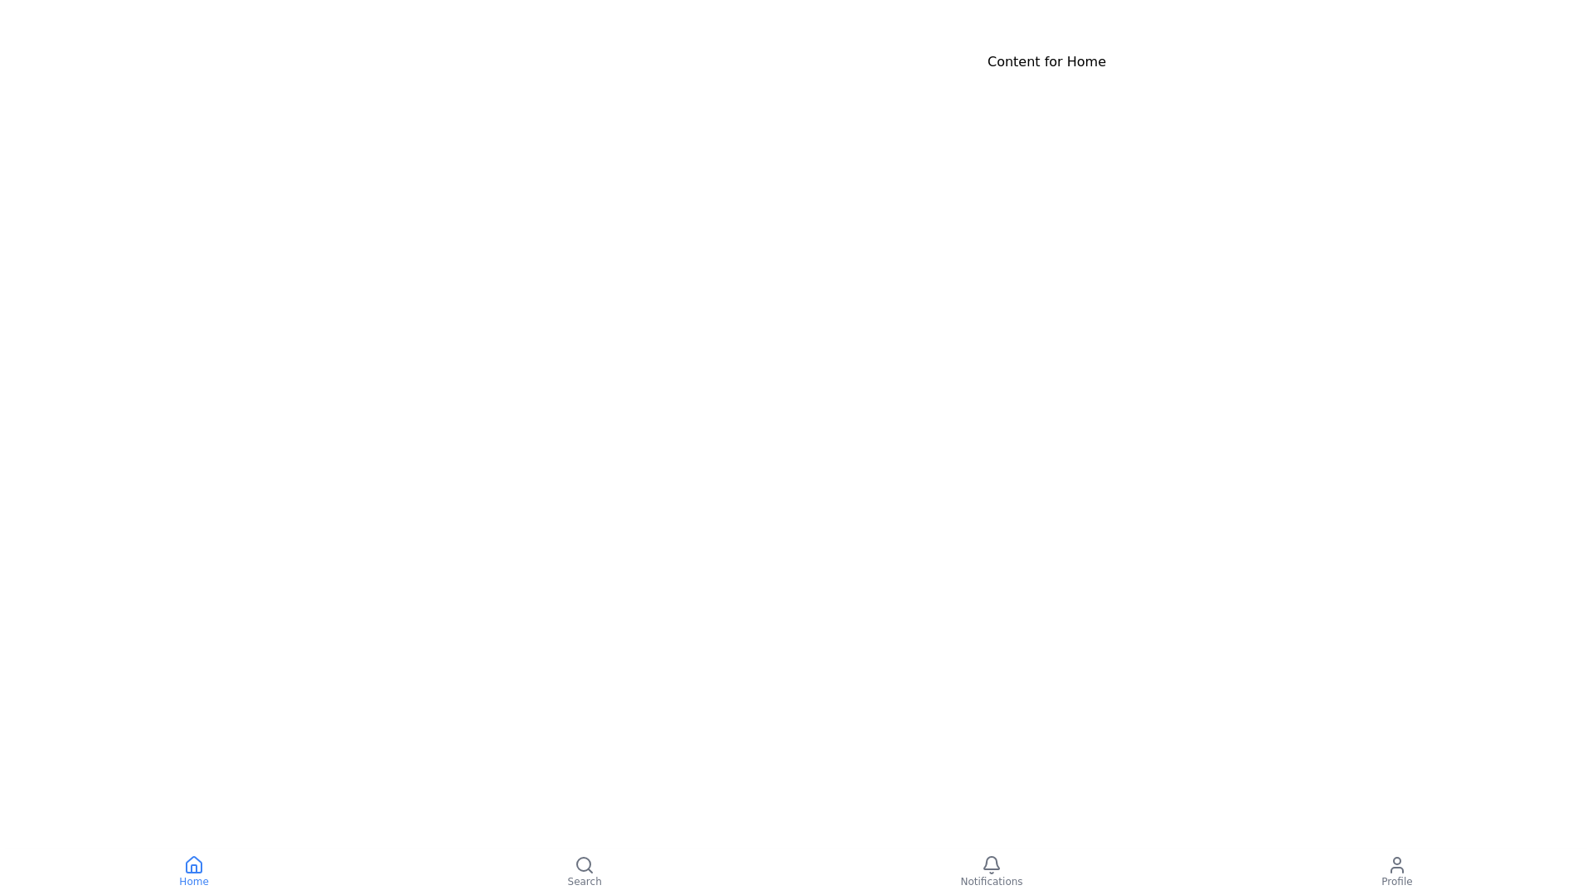 This screenshot has width=1592, height=895. I want to click on the bell icon representing notifications, so click(991, 864).